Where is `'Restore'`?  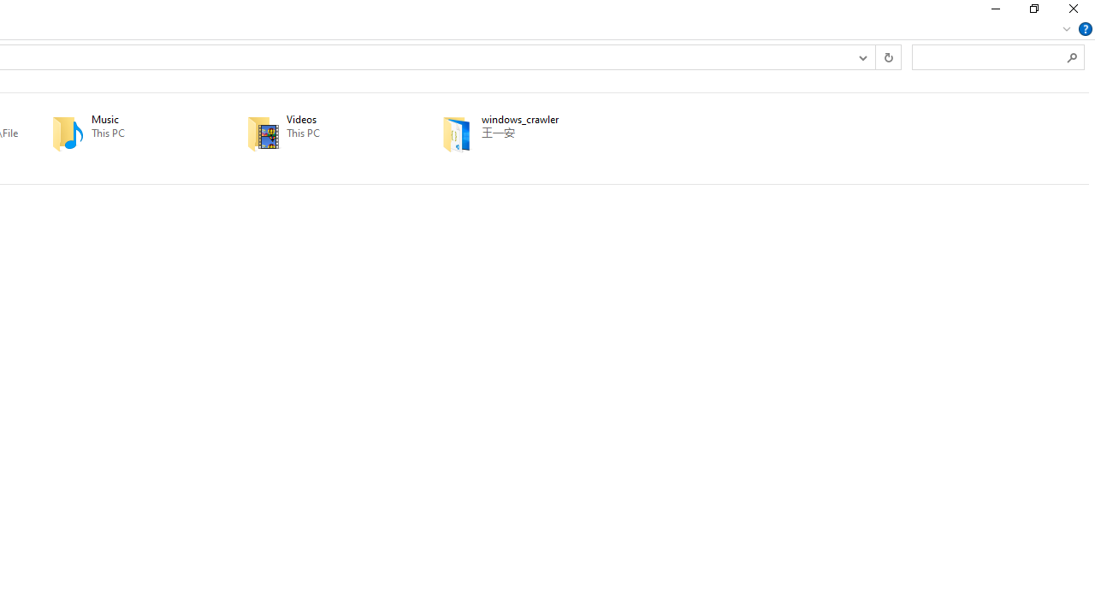 'Restore' is located at coordinates (1033, 13).